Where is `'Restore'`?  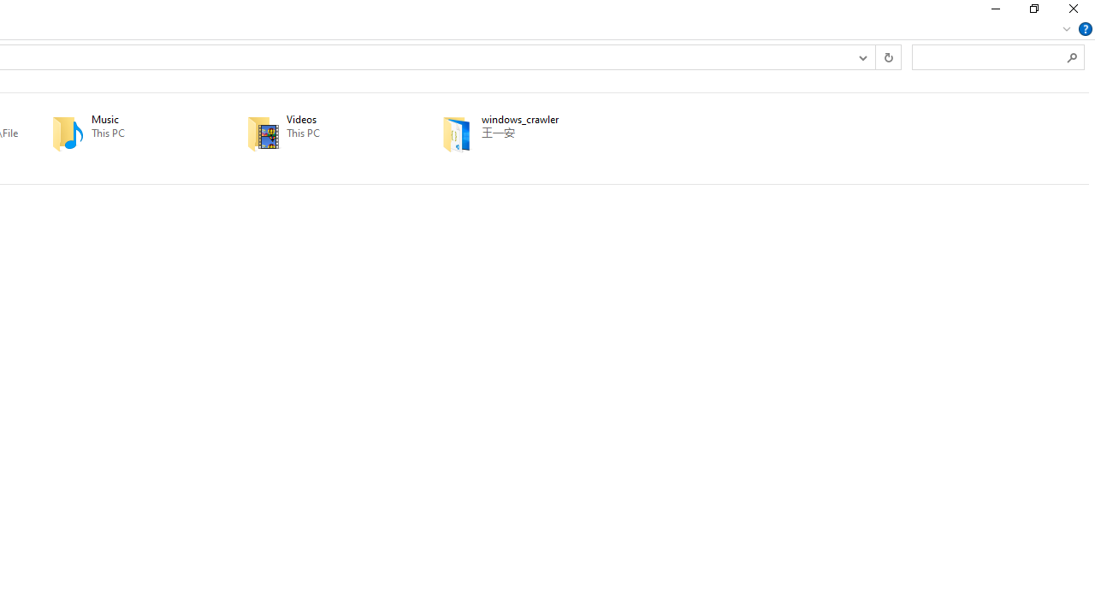 'Restore' is located at coordinates (1033, 13).